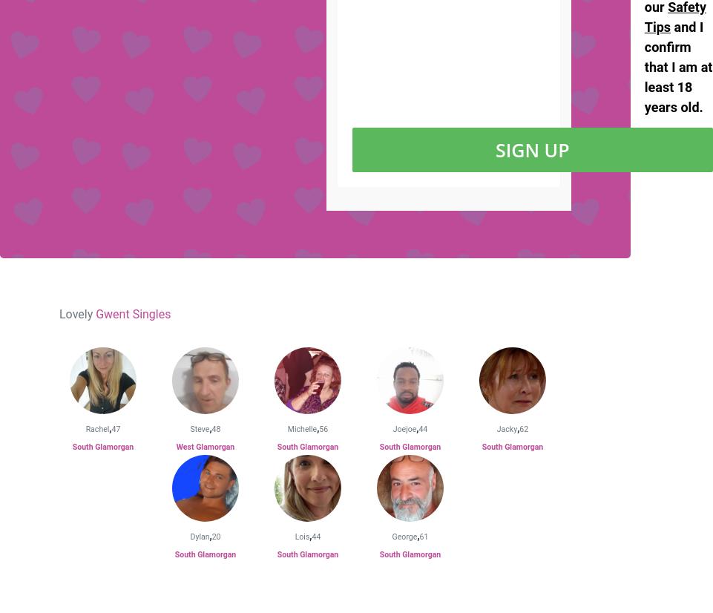 The height and width of the screenshot is (613, 713). What do you see at coordinates (423, 537) in the screenshot?
I see `'61'` at bounding box center [423, 537].